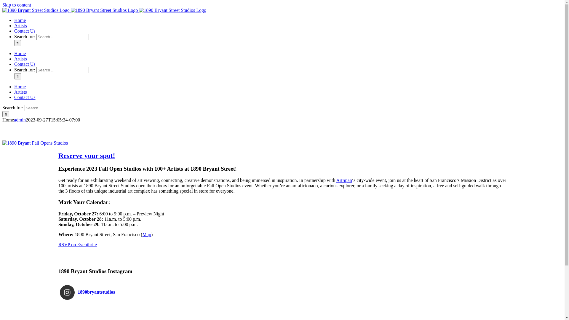  I want to click on 'Home', so click(20, 20).